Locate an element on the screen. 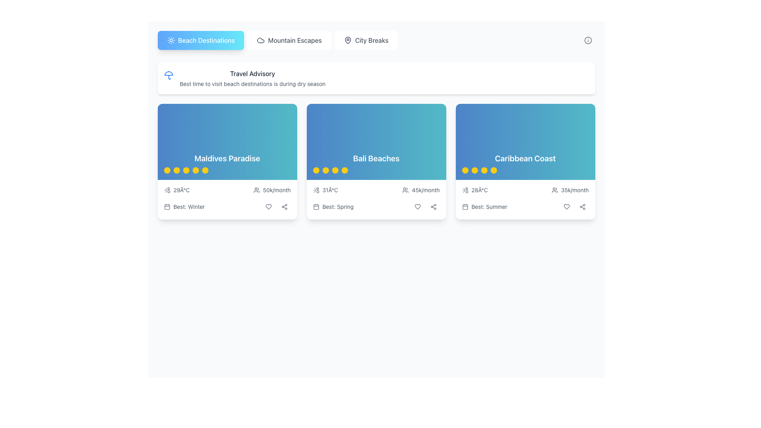 The height and width of the screenshot is (428, 761). the SVG vector pin icon, which is a location marker with rounded edges and a thin border, located near the top section of the interface is located at coordinates (348, 40).